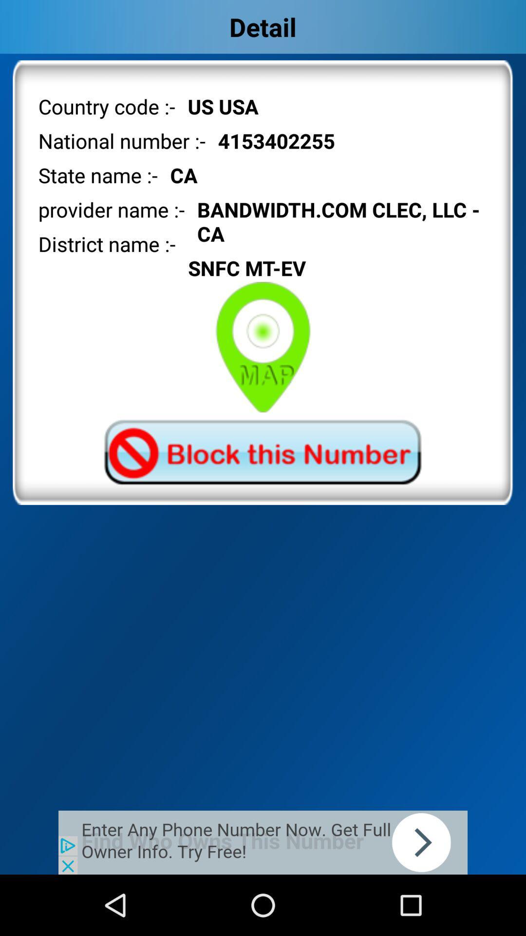 The width and height of the screenshot is (526, 936). Describe the element at coordinates (263, 347) in the screenshot. I see `open map` at that location.